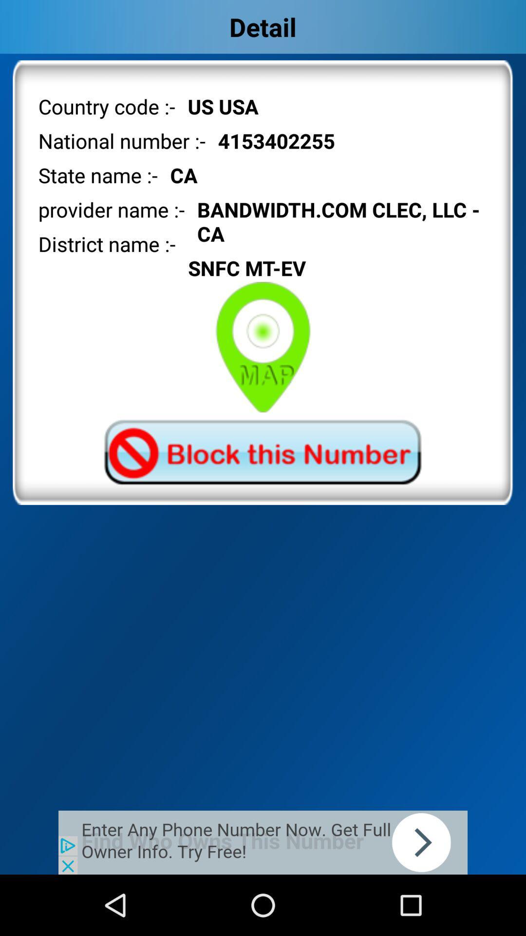 The width and height of the screenshot is (526, 936). Describe the element at coordinates (263, 347) in the screenshot. I see `open map` at that location.